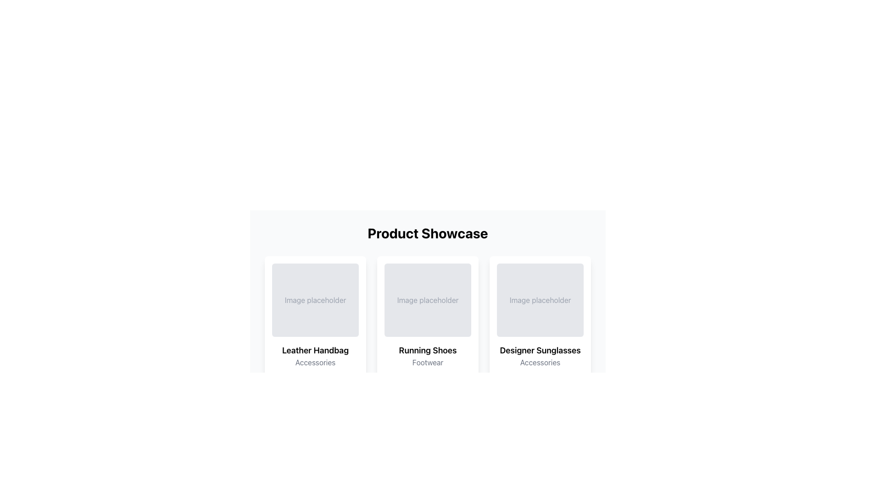 This screenshot has height=495, width=881. I want to click on the Image Placeholder which visually represents a missing or to-be-loaded image in the product card labeled 'Designer Sunglasses', so click(540, 300).